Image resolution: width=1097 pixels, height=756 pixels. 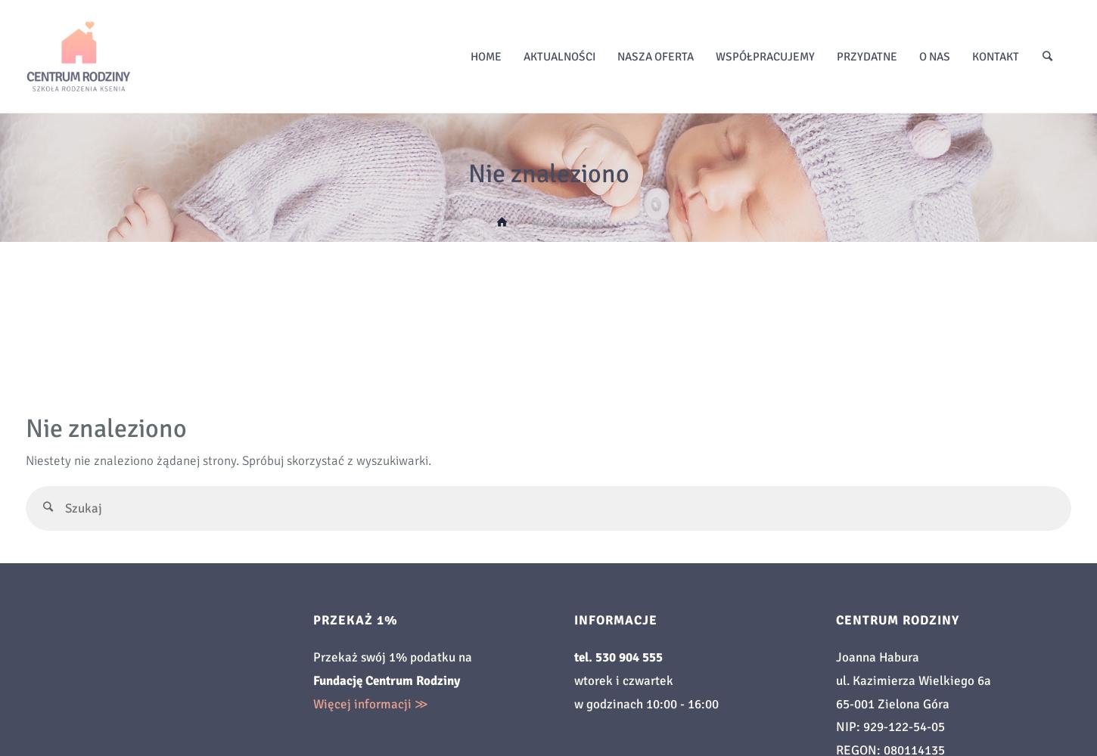 What do you see at coordinates (228, 460) in the screenshot?
I see `'Niestety nie znaleziono żądanej strony. Spróbuj skorzystać z wyszukiwarki.'` at bounding box center [228, 460].